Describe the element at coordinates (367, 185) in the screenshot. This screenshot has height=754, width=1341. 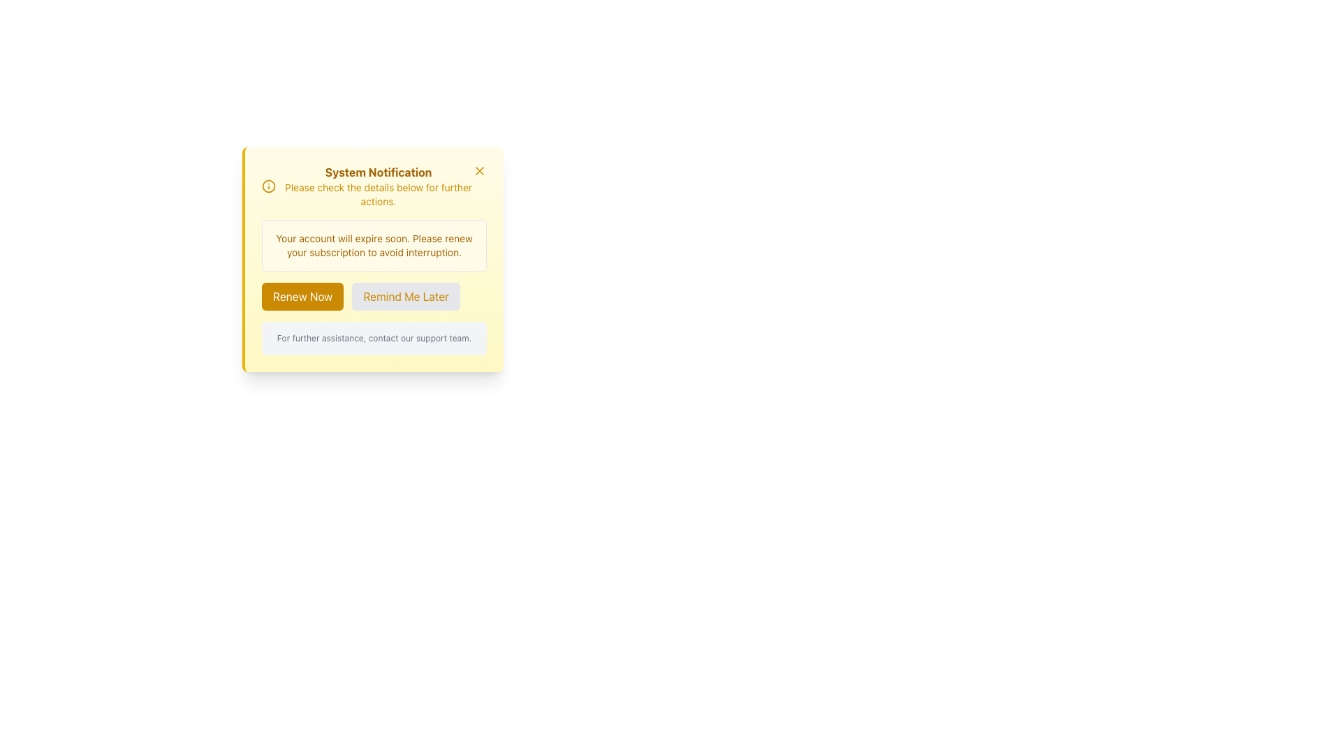
I see `notification text displayed in the Informational Header located at the top of the notification panel, which provides context or purpose for the notification` at that location.